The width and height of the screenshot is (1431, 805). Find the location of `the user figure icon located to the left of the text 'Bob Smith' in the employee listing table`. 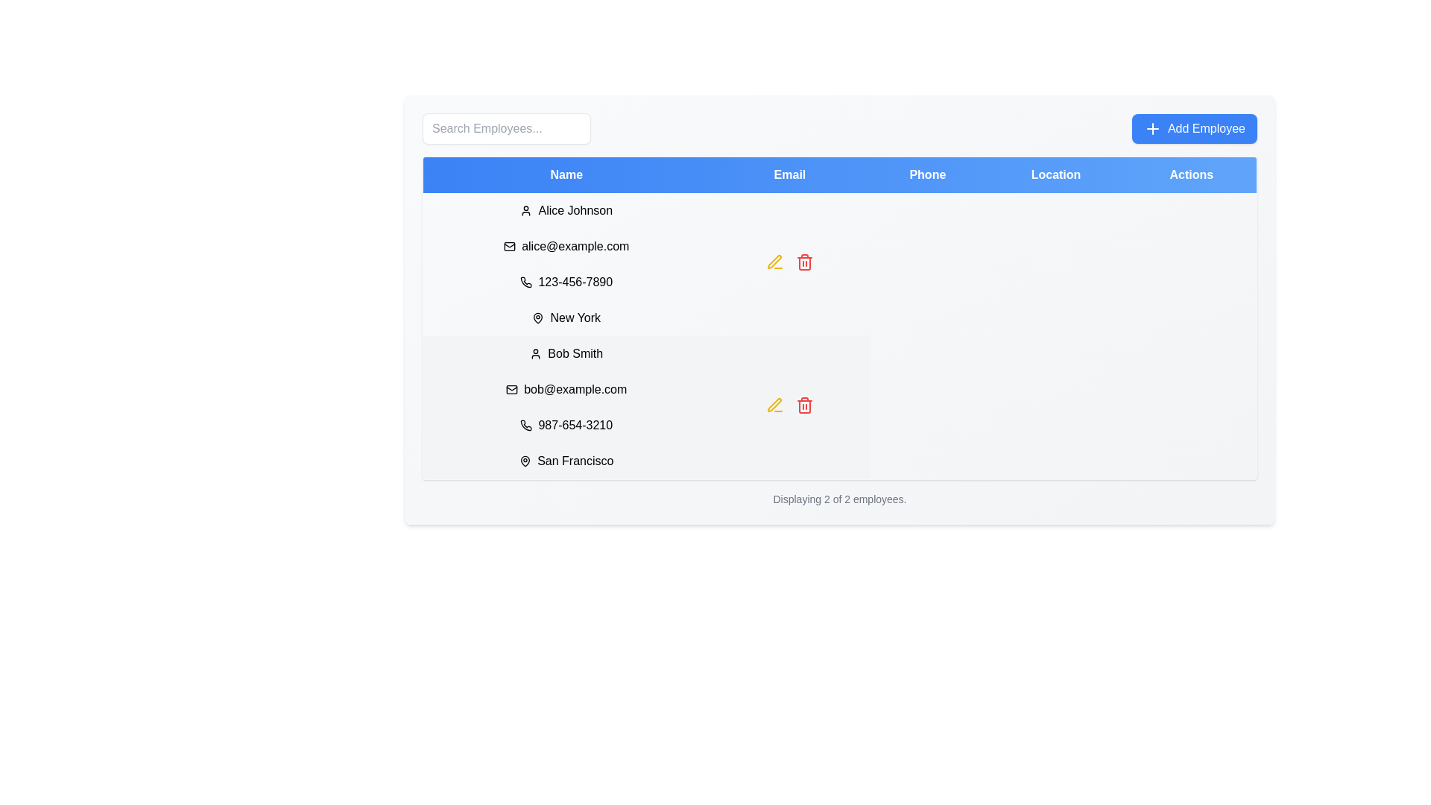

the user figure icon located to the left of the text 'Bob Smith' in the employee listing table is located at coordinates (536, 353).